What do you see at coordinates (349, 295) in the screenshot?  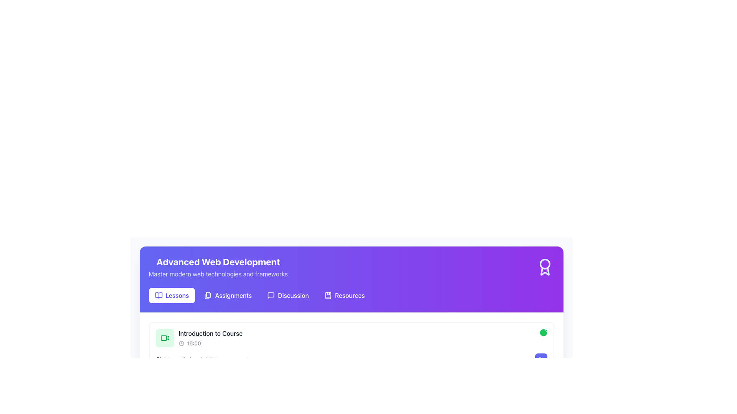 I see `the 'Resources' button, which is a textual button displayed in white font on a purple background, located on the right side of the navigation bar` at bounding box center [349, 295].